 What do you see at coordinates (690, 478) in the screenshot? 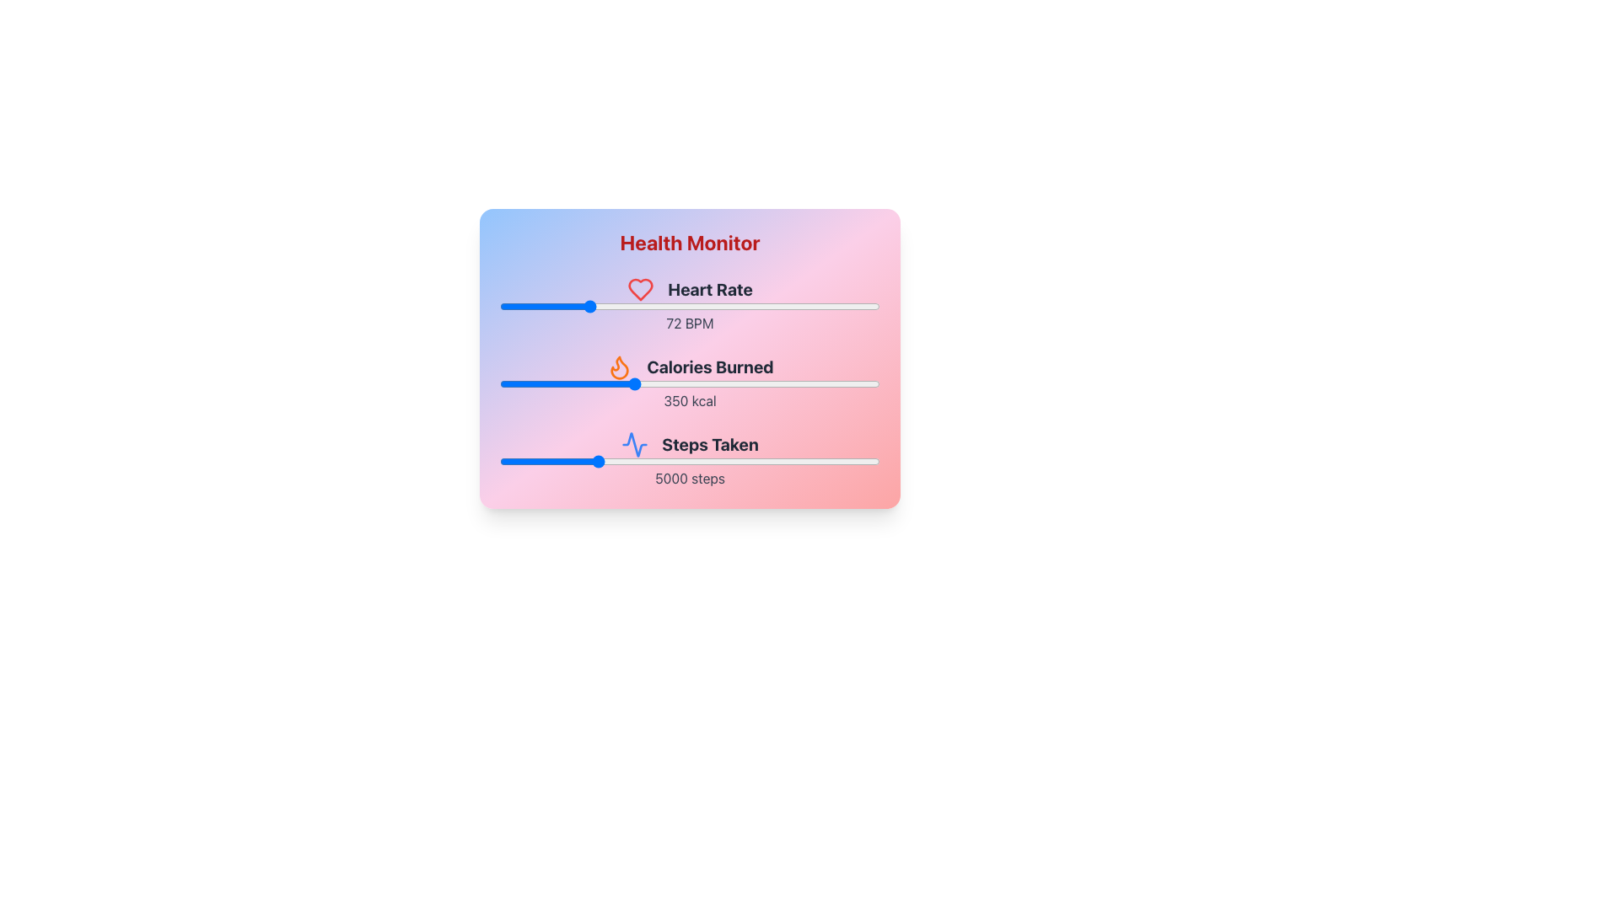
I see `the static informational label displaying '5000 steps' in gray color, located beneath 'Steps Taken'` at bounding box center [690, 478].